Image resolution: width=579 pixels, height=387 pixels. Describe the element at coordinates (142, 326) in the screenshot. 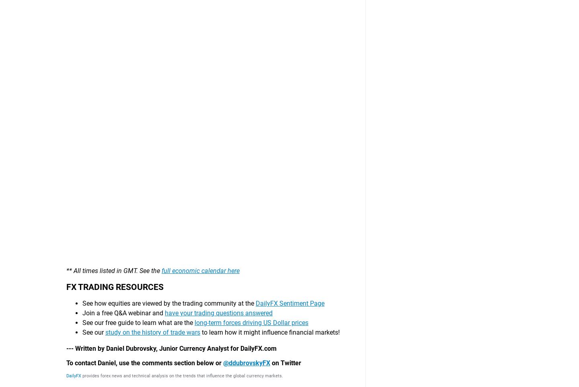

I see `'Market Themes'` at that location.